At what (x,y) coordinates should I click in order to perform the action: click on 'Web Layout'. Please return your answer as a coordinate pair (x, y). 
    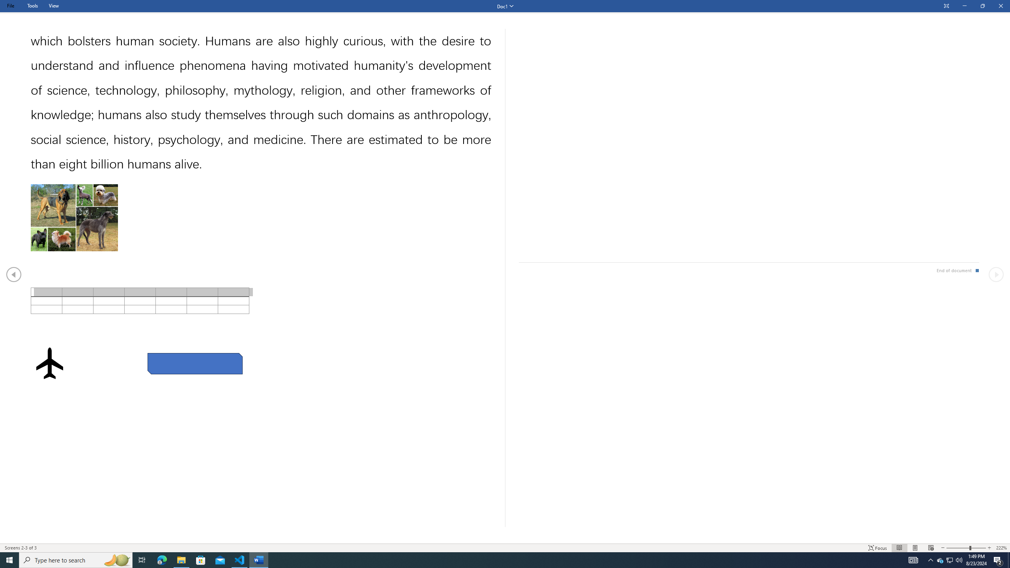
    Looking at the image, I should click on (931, 548).